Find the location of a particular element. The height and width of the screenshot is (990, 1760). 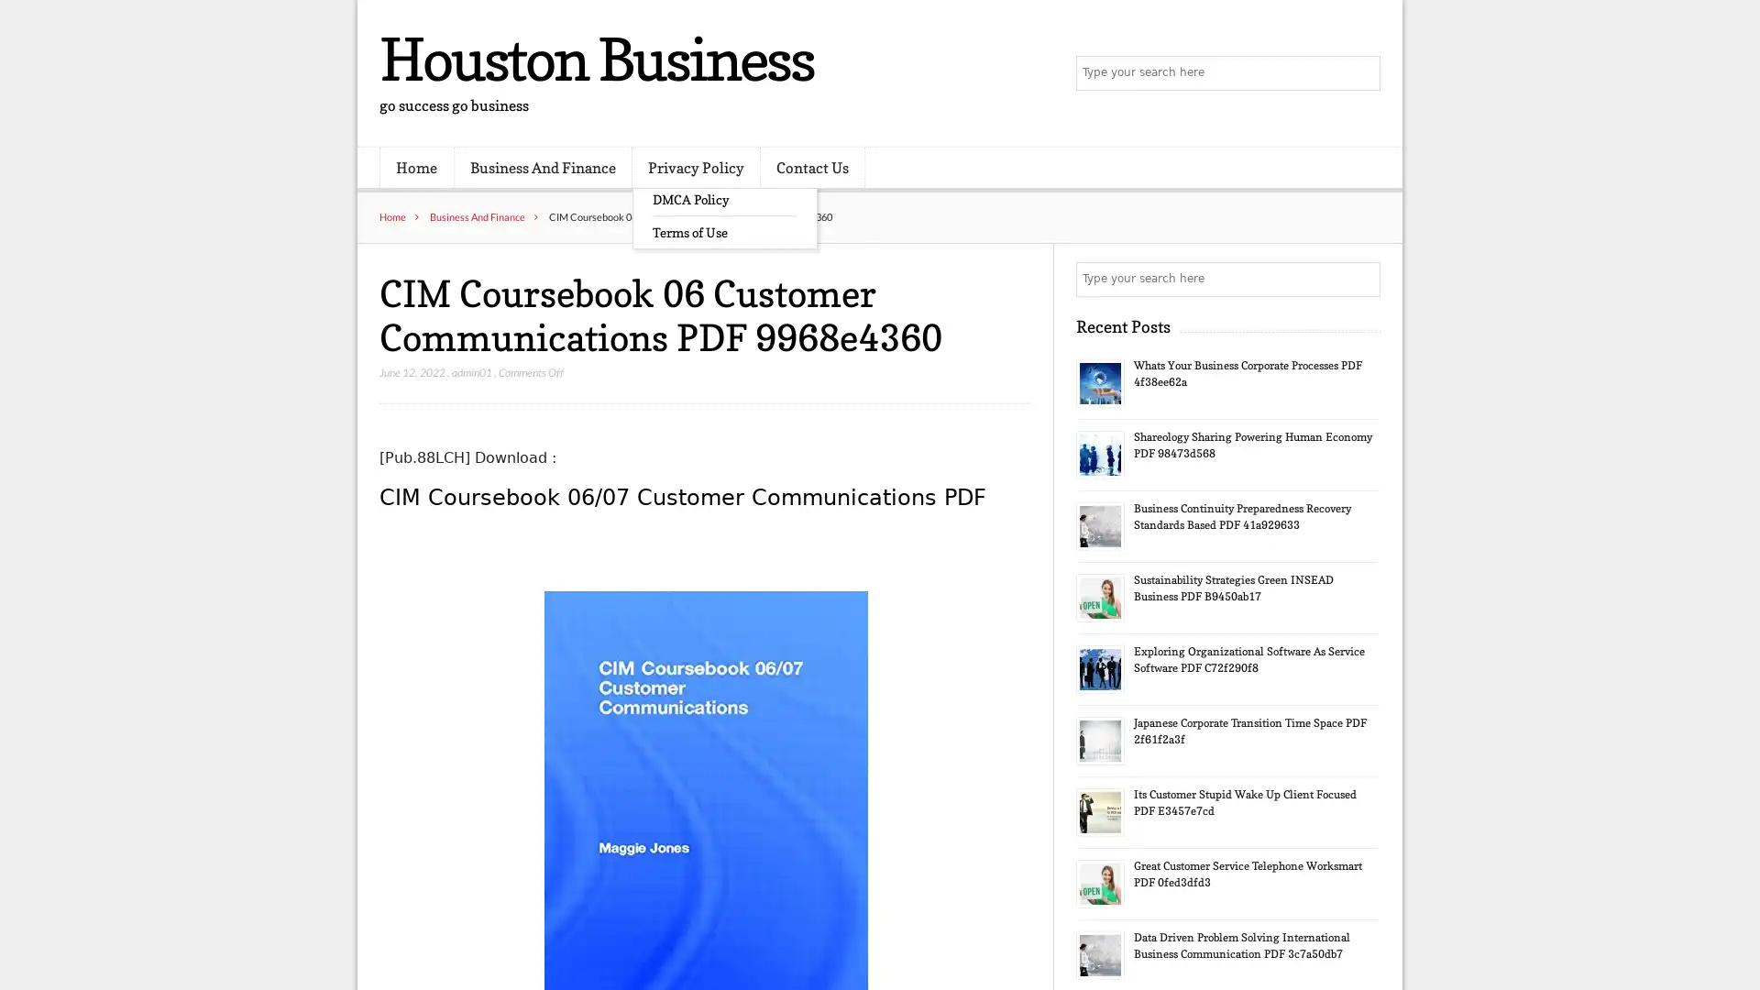

Search is located at coordinates (1361, 73).